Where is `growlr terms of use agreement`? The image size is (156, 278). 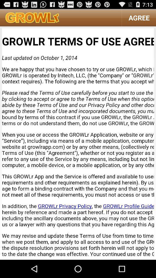
growlr terms of use agreement is located at coordinates (78, 142).